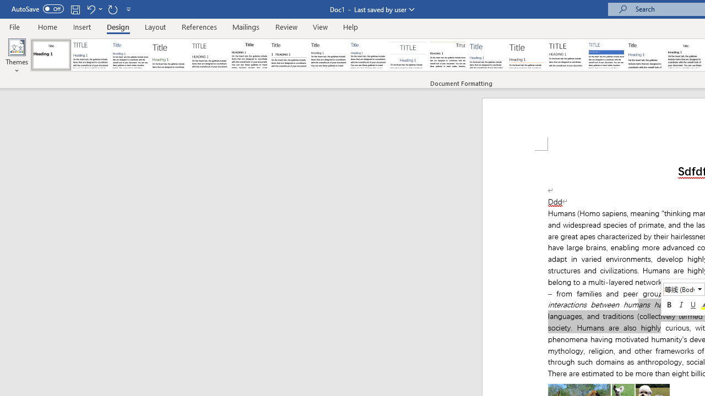 This screenshot has width=705, height=396. What do you see at coordinates (130, 55) in the screenshot?
I see `'Basic (Simple)'` at bounding box center [130, 55].